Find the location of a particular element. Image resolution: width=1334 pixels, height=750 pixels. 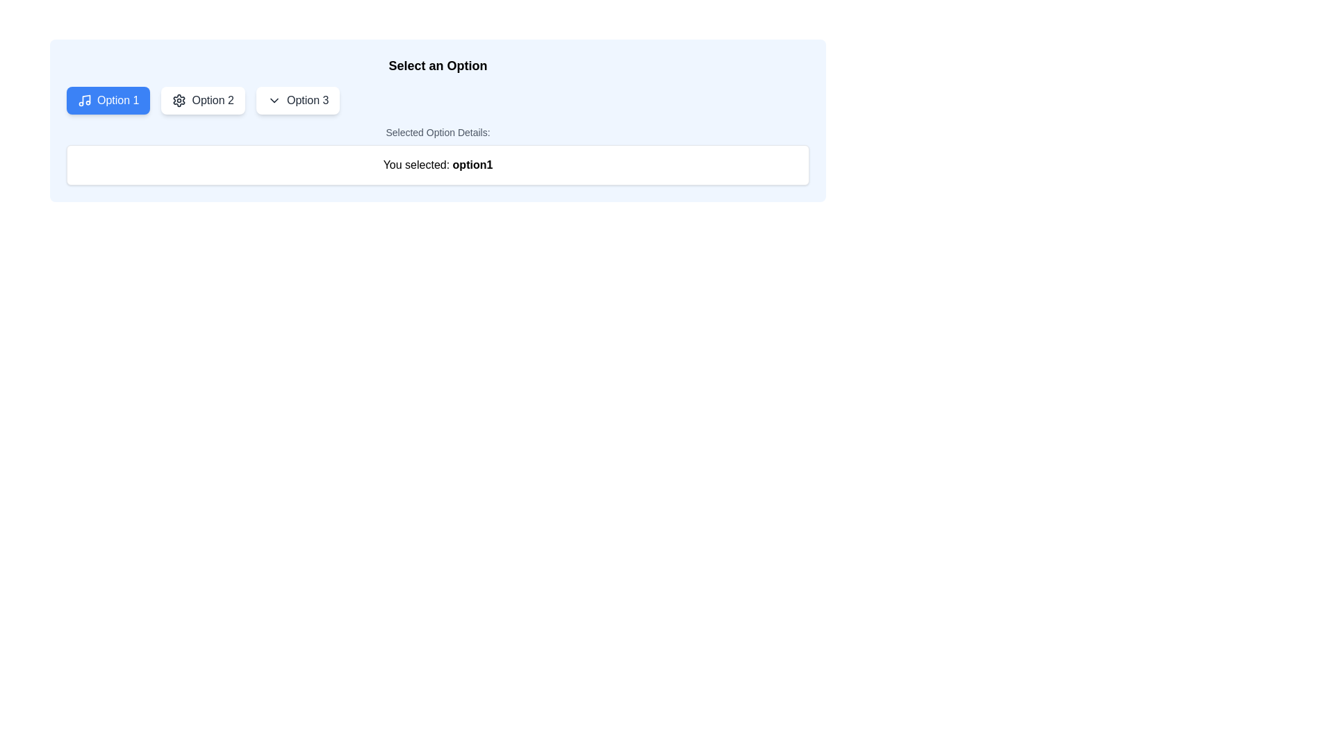

the static text display that confirms the user's selected option, located below the row of options 'Option 1', 'Option 2', and 'Option 3' is located at coordinates (437, 155).